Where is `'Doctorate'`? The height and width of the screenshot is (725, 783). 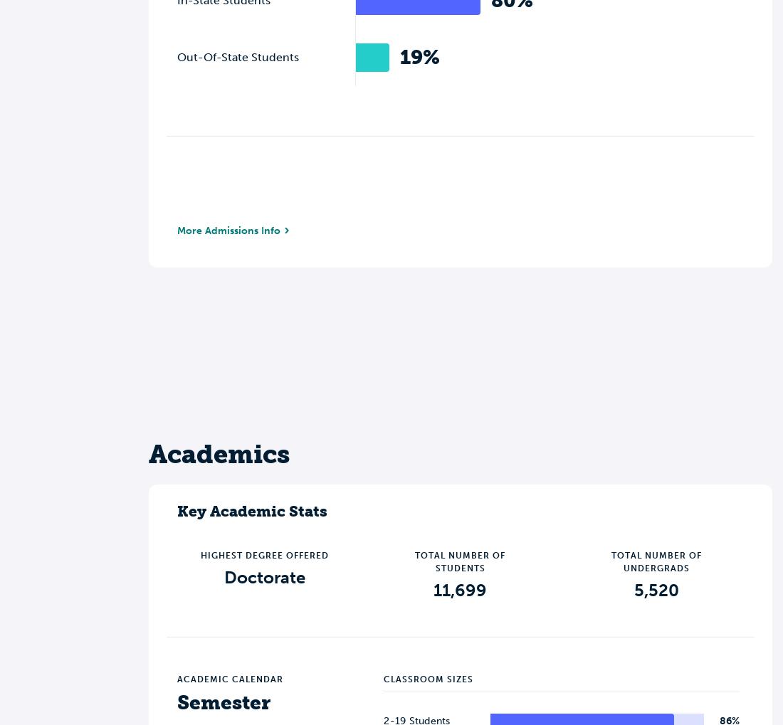
'Doctorate' is located at coordinates (264, 576).